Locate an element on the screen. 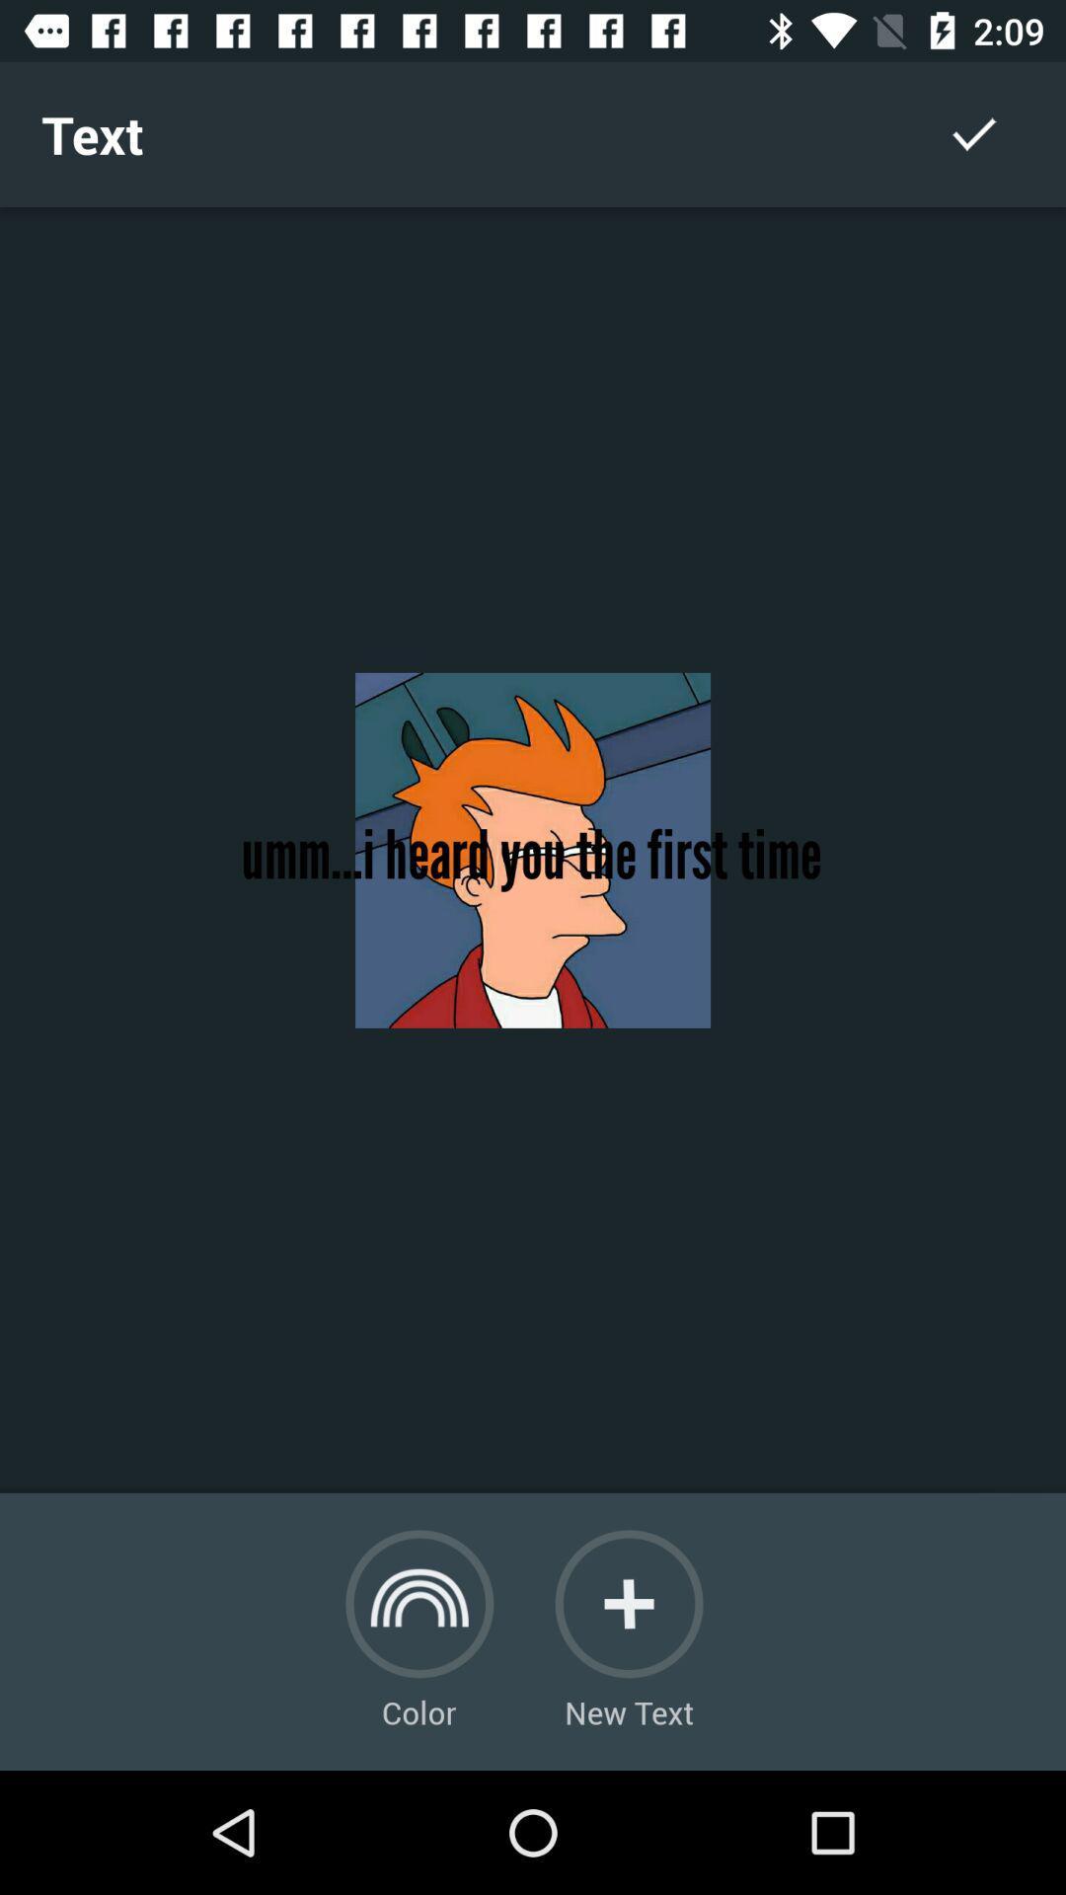 This screenshot has width=1066, height=1895. color is located at coordinates (419, 1604).